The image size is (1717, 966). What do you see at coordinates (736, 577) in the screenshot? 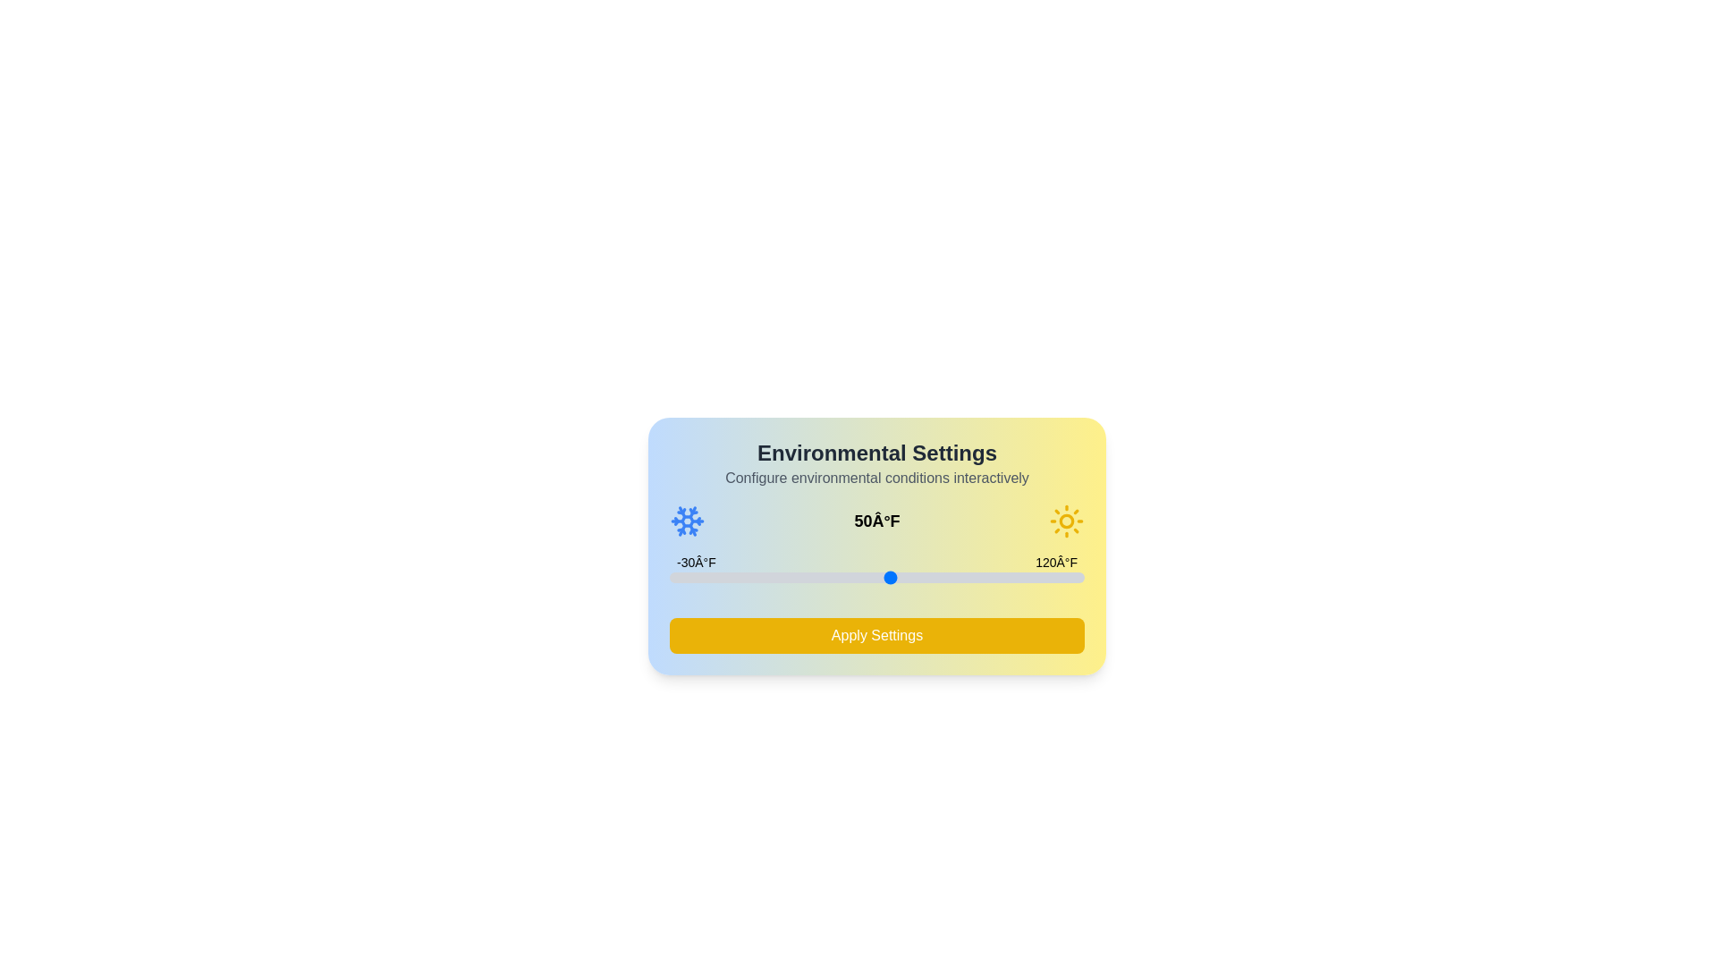
I see `the temperature slider to -6°F` at bounding box center [736, 577].